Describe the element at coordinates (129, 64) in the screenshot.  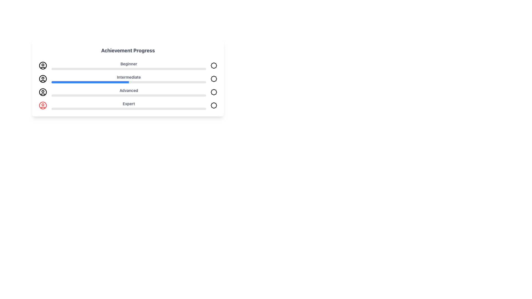
I see `the text label displaying 'Beginner', which is styled with small, bold fonts and gray color, positioned in the first row of the progress levels` at that location.